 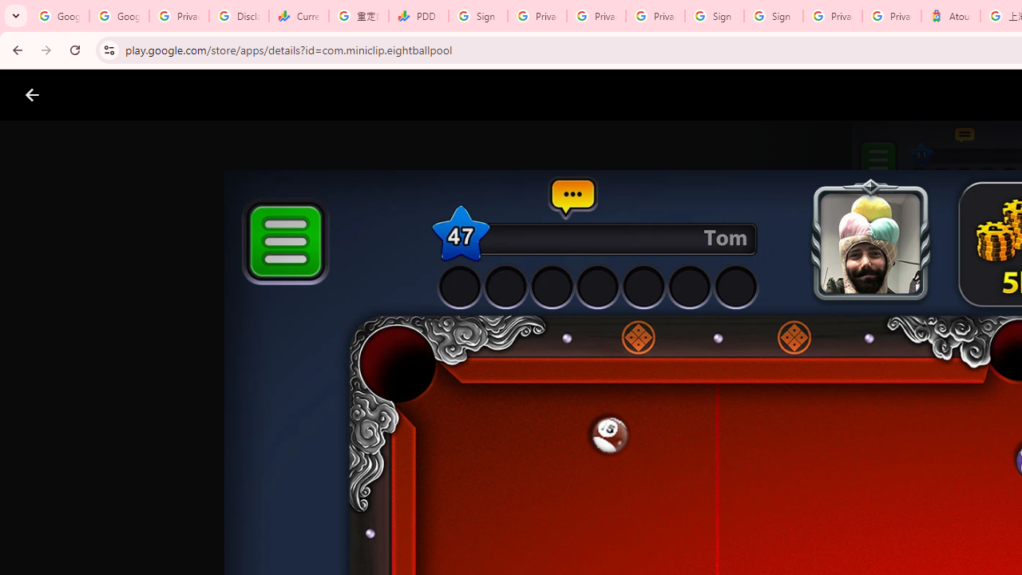 I want to click on 'Close screenshot viewer', so click(x=31, y=95).